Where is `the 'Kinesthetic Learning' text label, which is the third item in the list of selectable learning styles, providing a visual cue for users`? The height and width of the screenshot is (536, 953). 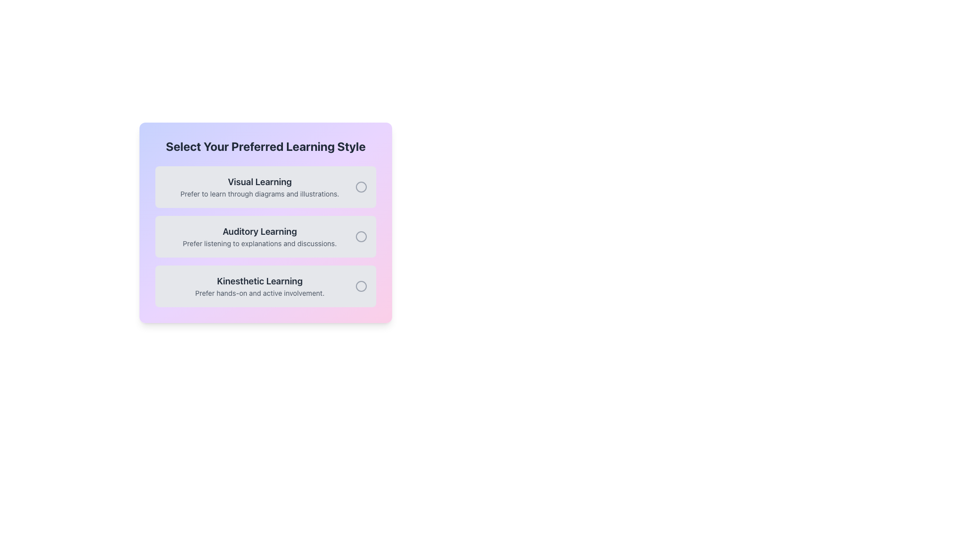
the 'Kinesthetic Learning' text label, which is the third item in the list of selectable learning styles, providing a visual cue for users is located at coordinates (260, 281).